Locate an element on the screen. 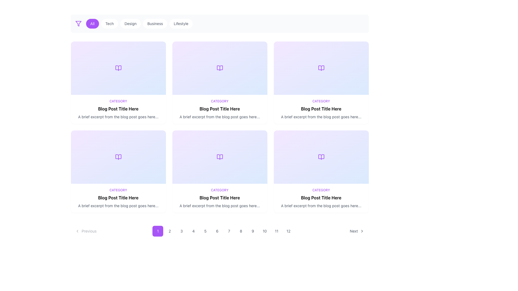  the Content preview card located in the second row and fourth column of the grid layout is located at coordinates (321, 198).